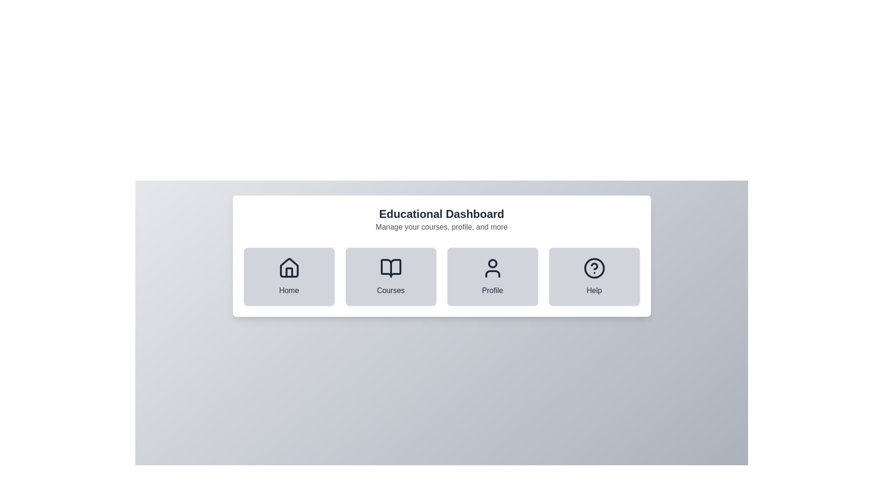 Image resolution: width=896 pixels, height=504 pixels. What do you see at coordinates (441, 227) in the screenshot?
I see `the static text element displaying the phrase 'Manage your courses, profile, and more', located below the 'Educational Dashboard' title, centrally positioned in the upper section of the interface` at bounding box center [441, 227].